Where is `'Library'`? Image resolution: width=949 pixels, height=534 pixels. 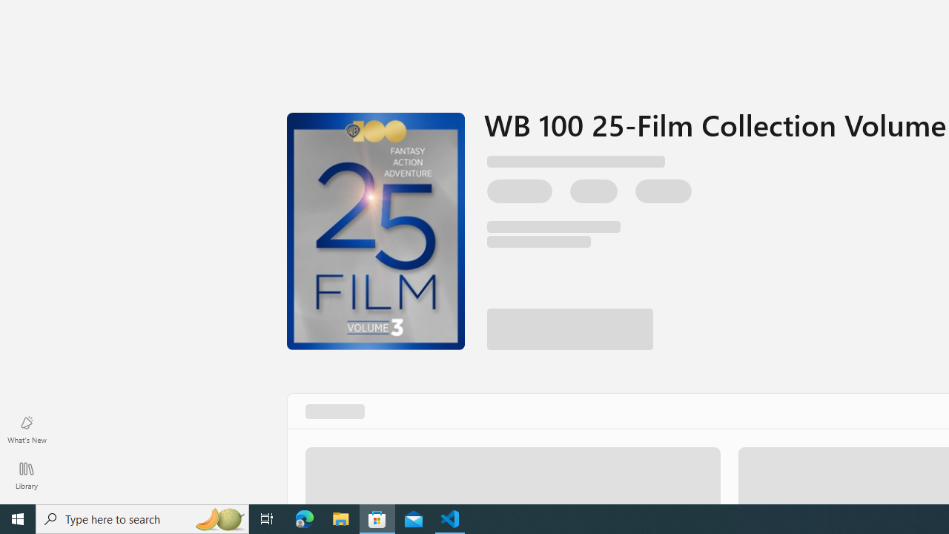 'Library' is located at coordinates (26, 475).